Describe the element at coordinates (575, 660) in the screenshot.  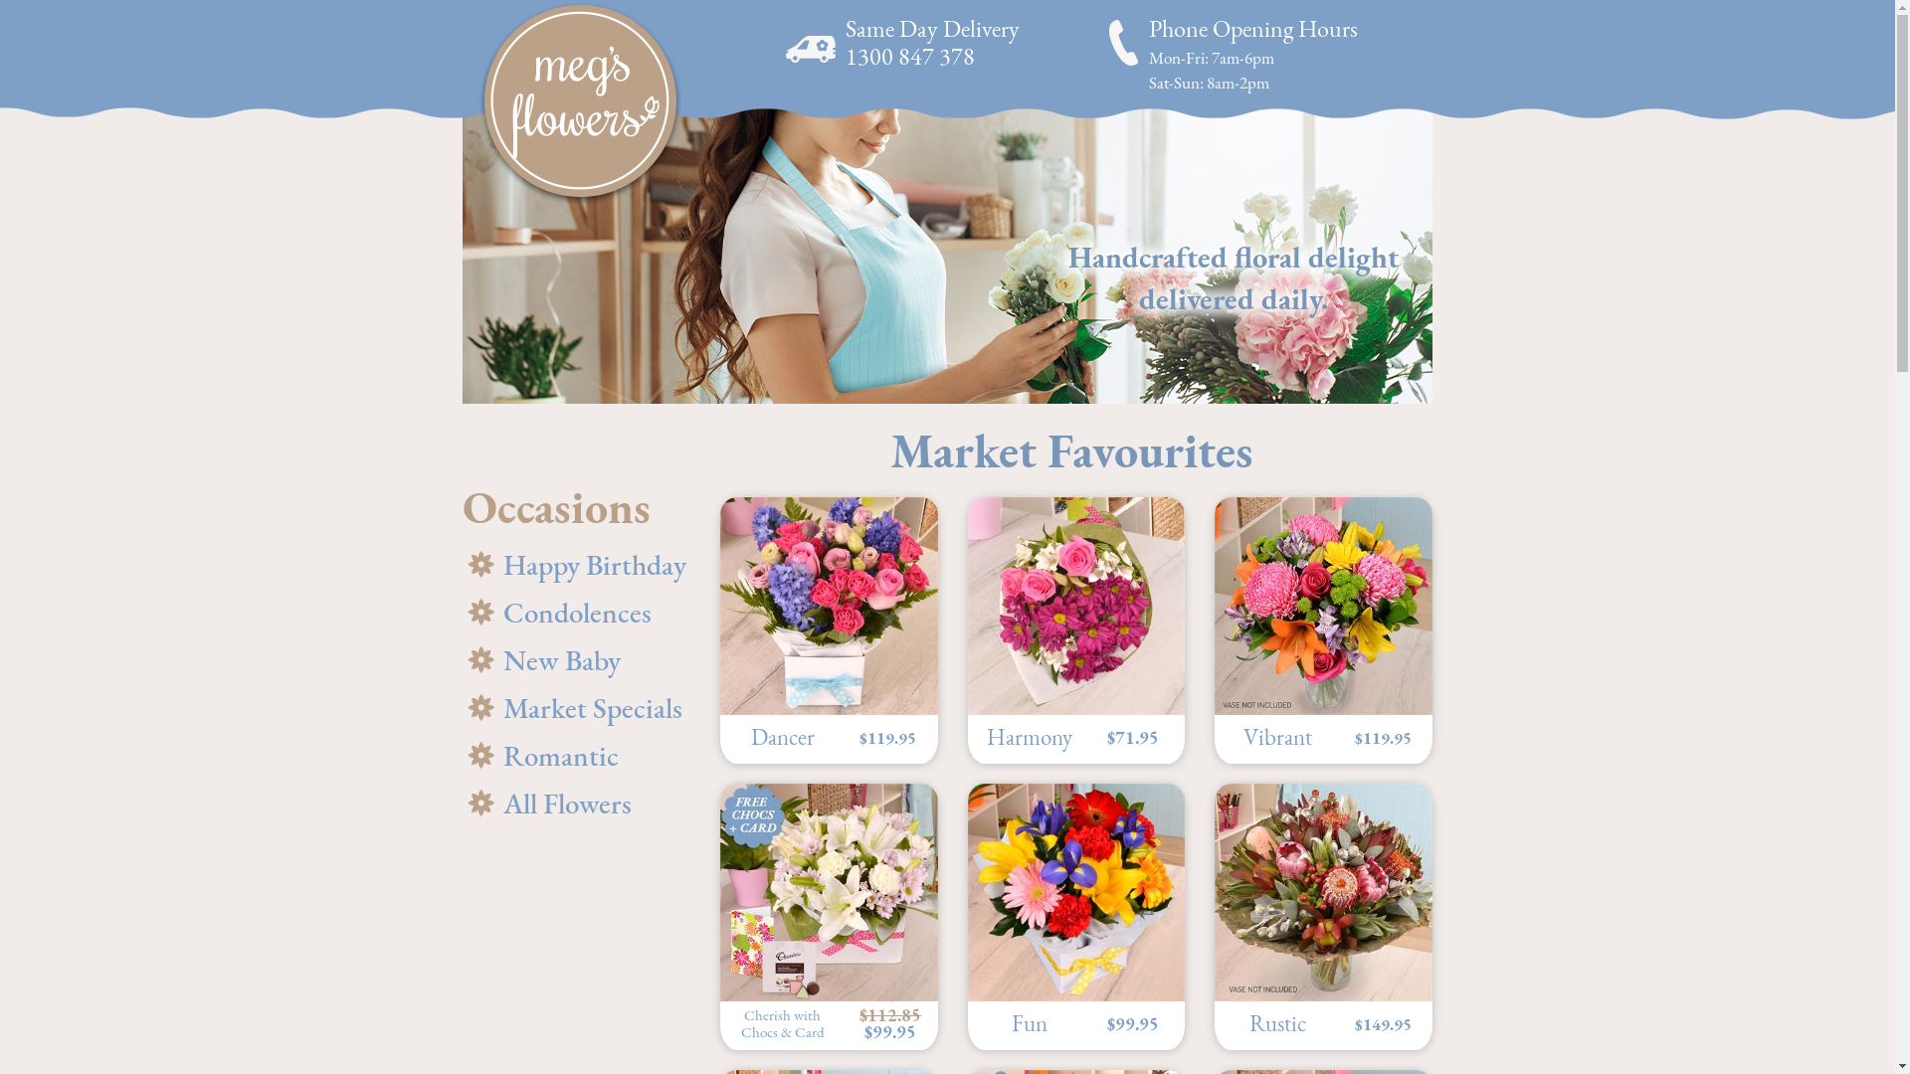
I see `'New Baby'` at that location.